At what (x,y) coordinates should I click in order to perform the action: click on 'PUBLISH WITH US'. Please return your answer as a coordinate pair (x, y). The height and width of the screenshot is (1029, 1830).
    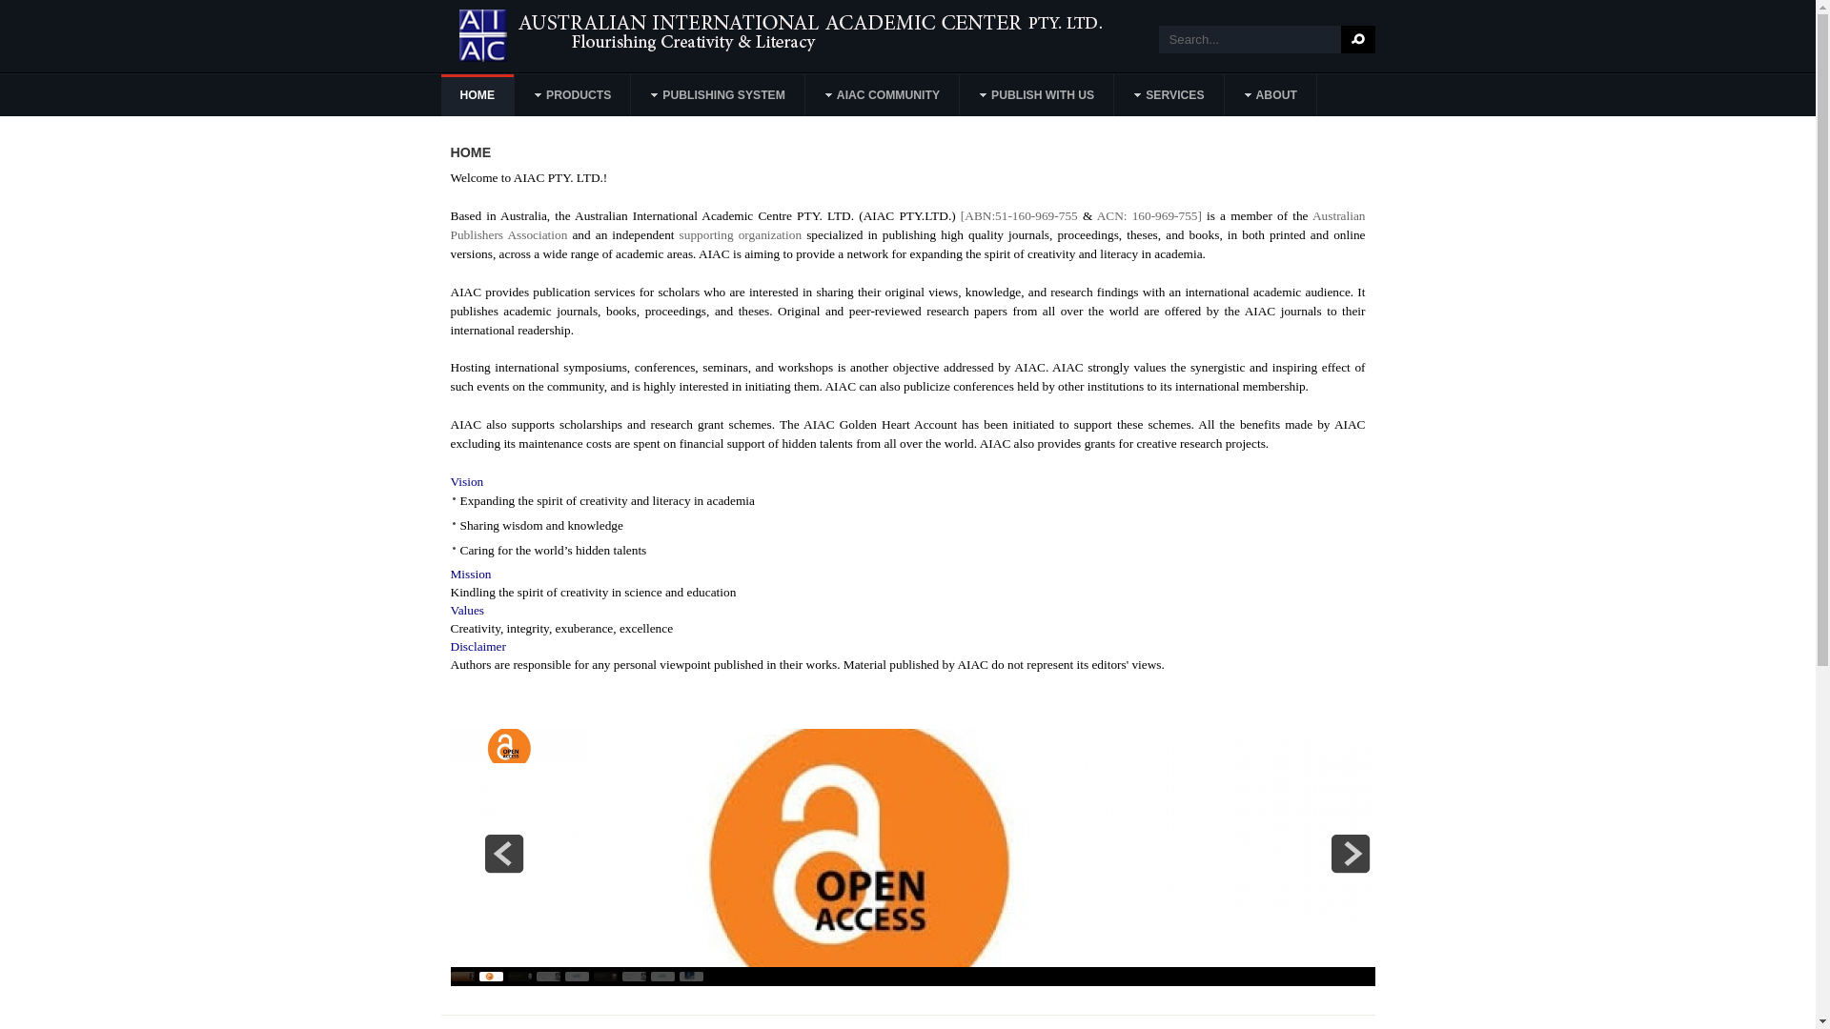
    Looking at the image, I should click on (1036, 95).